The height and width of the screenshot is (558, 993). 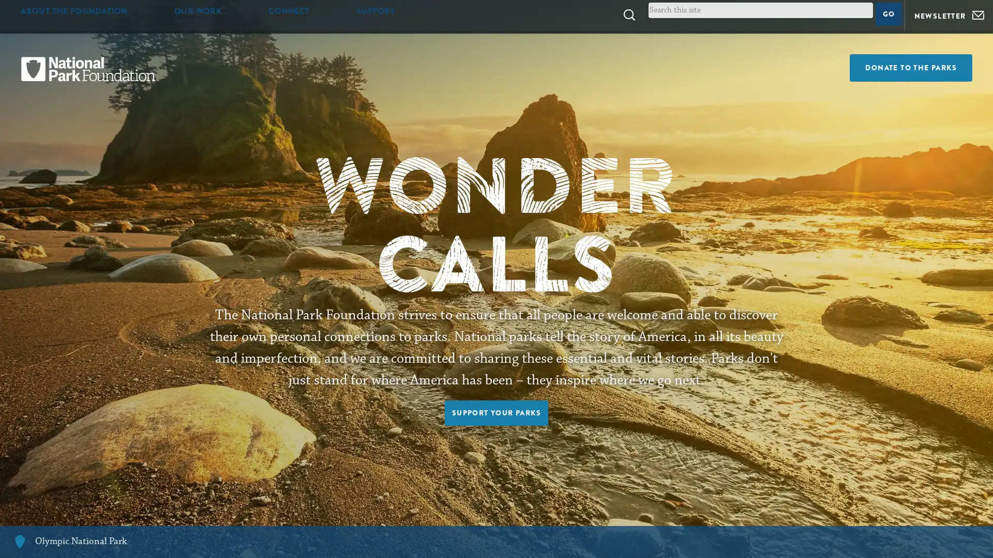 I want to click on SUBMIT, so click(x=883, y=306).